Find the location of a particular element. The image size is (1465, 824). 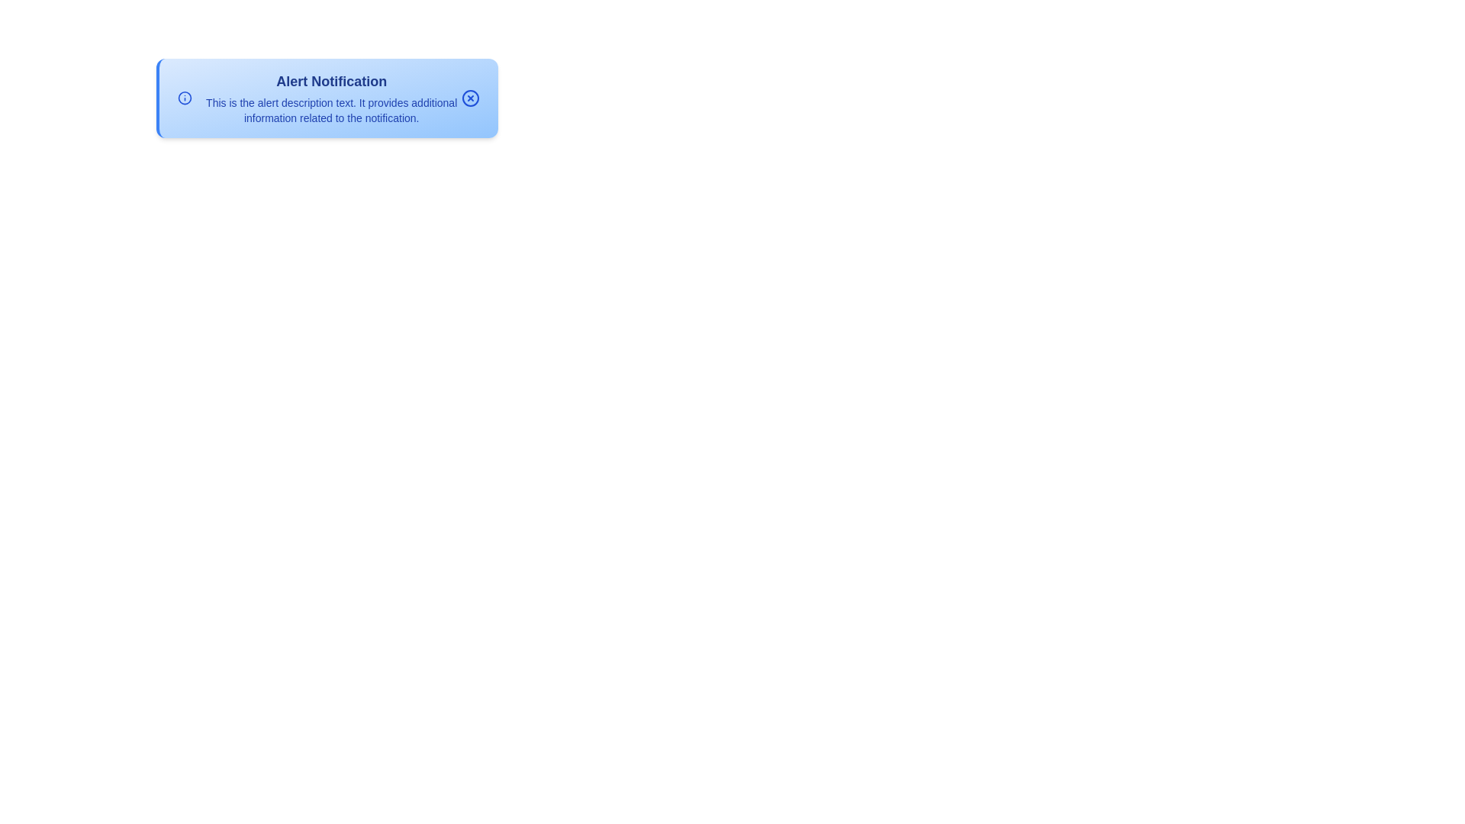

the information icon to interact with it is located at coordinates (184, 98).